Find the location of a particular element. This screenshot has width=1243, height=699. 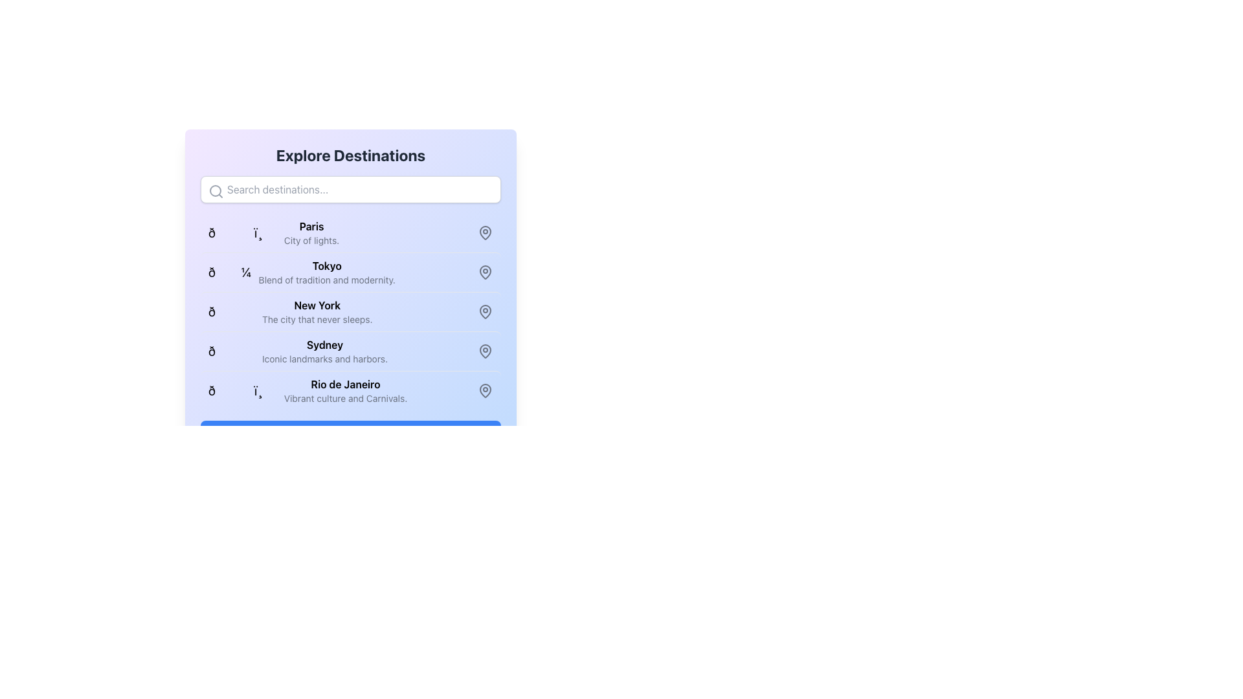

the emoji-like symbol representing 'ð\x9f\x8c\x89' that appears at the beginning of the list item for 'Sydney' is located at coordinates (231, 351).